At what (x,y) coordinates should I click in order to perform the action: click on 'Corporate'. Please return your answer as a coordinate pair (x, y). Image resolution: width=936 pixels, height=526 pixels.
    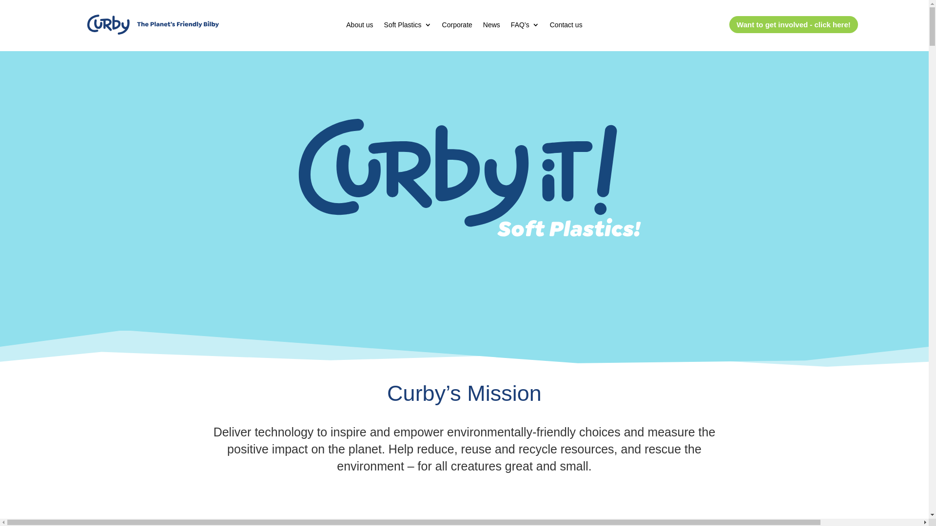
    Looking at the image, I should click on (456, 26).